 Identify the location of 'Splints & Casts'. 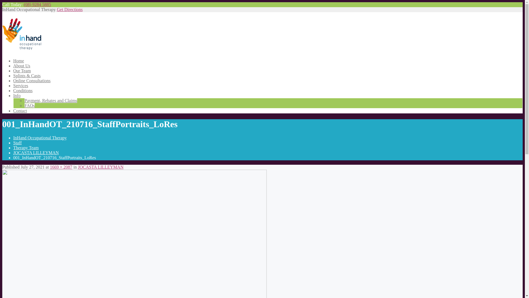
(13, 76).